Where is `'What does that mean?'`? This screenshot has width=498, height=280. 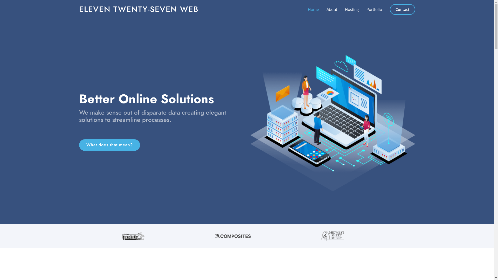 'What does that mean?' is located at coordinates (78, 145).